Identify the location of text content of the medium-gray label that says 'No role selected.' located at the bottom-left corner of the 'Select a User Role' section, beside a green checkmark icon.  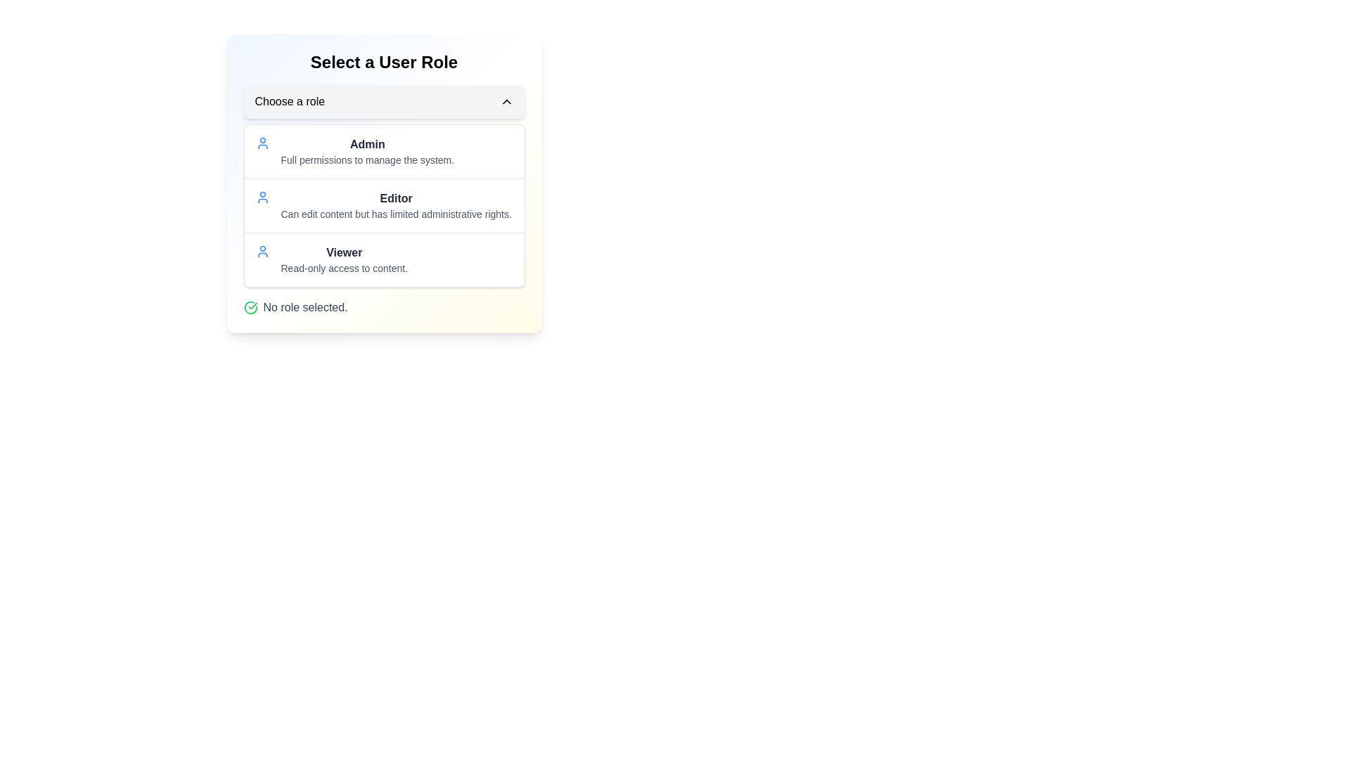
(304, 307).